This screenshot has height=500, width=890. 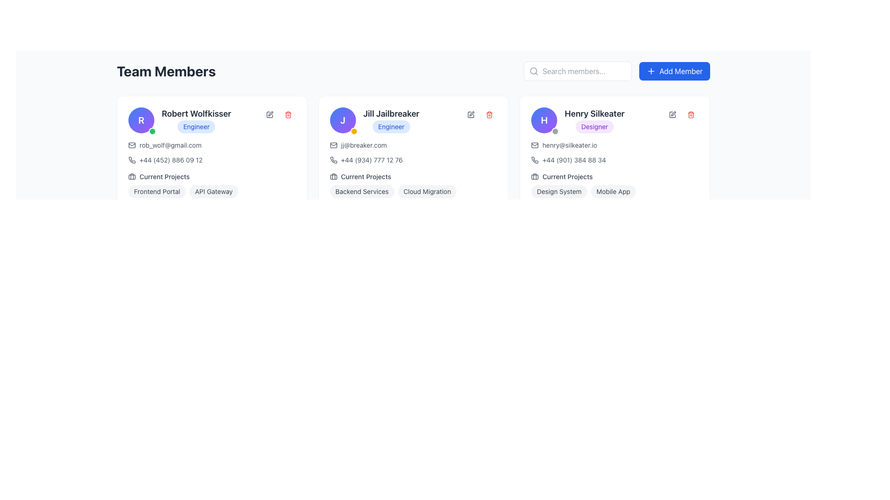 I want to click on the email icon located within the user details card, positioned just before the email address text label, so click(x=333, y=145).